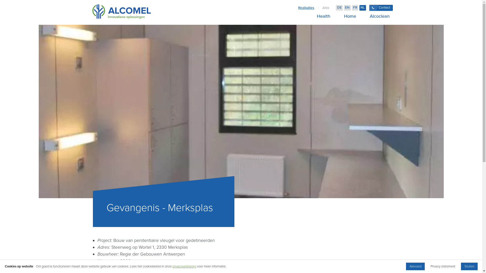 This screenshot has height=273, width=486. What do you see at coordinates (378, 16) in the screenshot?
I see `'Alcoclean'` at bounding box center [378, 16].